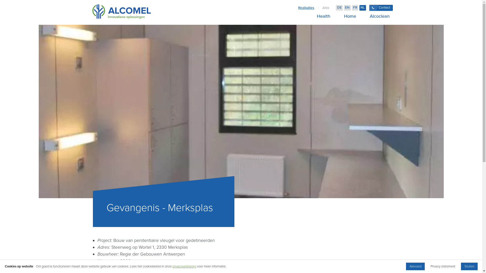 This screenshot has height=273, width=486. What do you see at coordinates (378, 16) in the screenshot?
I see `'Alcoclean'` at bounding box center [378, 16].